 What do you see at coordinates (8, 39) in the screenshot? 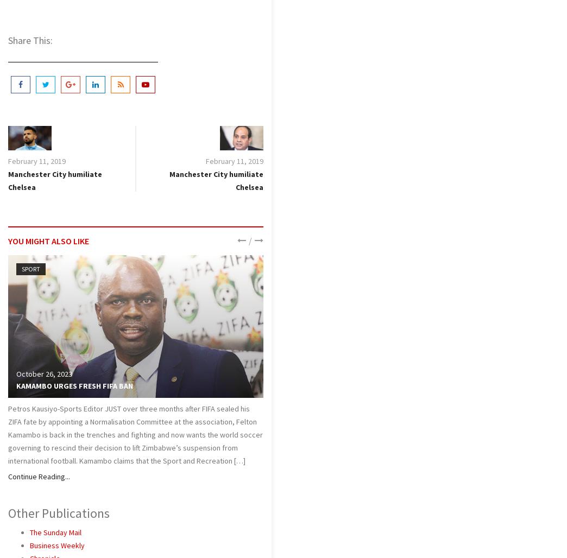
I see `'Share This:'` at bounding box center [8, 39].